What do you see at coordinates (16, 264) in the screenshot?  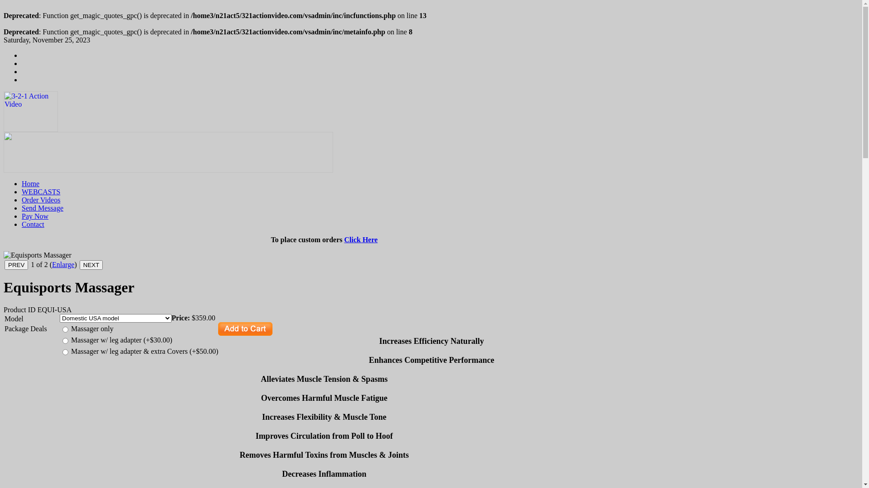 I see `'PREV'` at bounding box center [16, 264].